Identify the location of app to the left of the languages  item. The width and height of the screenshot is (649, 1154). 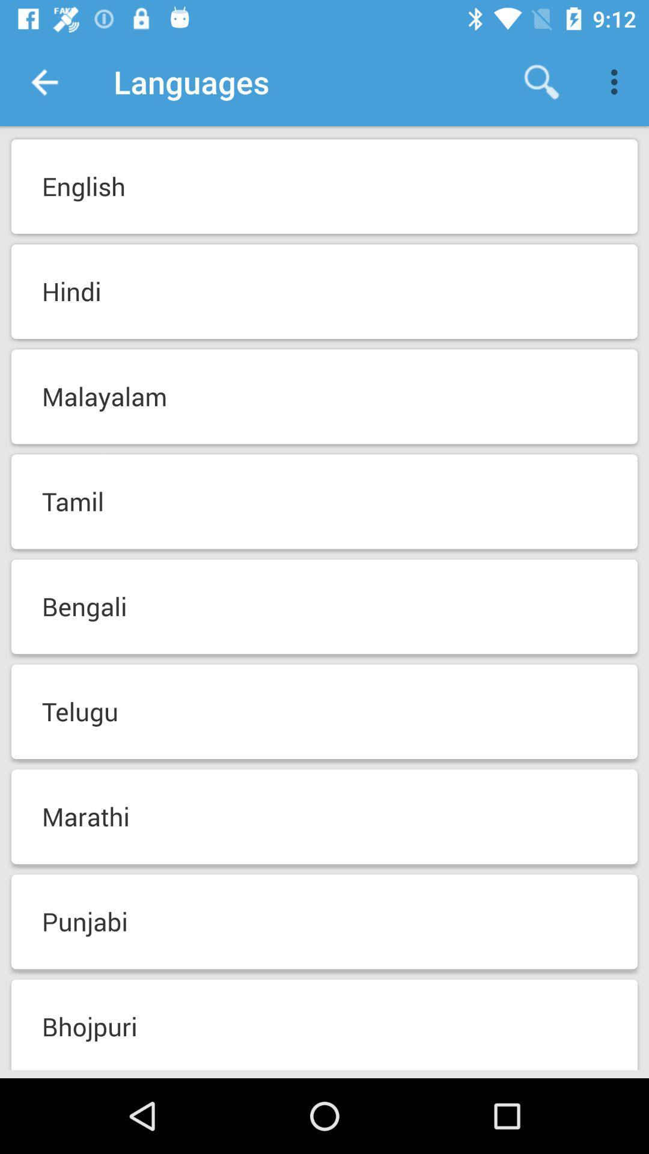
(43, 81).